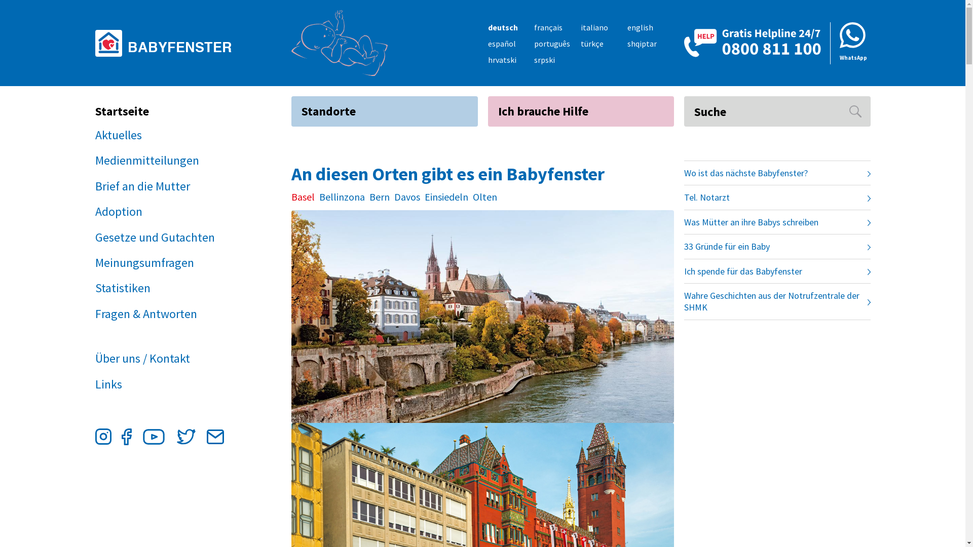  I want to click on 'hrvatski', so click(501, 60).